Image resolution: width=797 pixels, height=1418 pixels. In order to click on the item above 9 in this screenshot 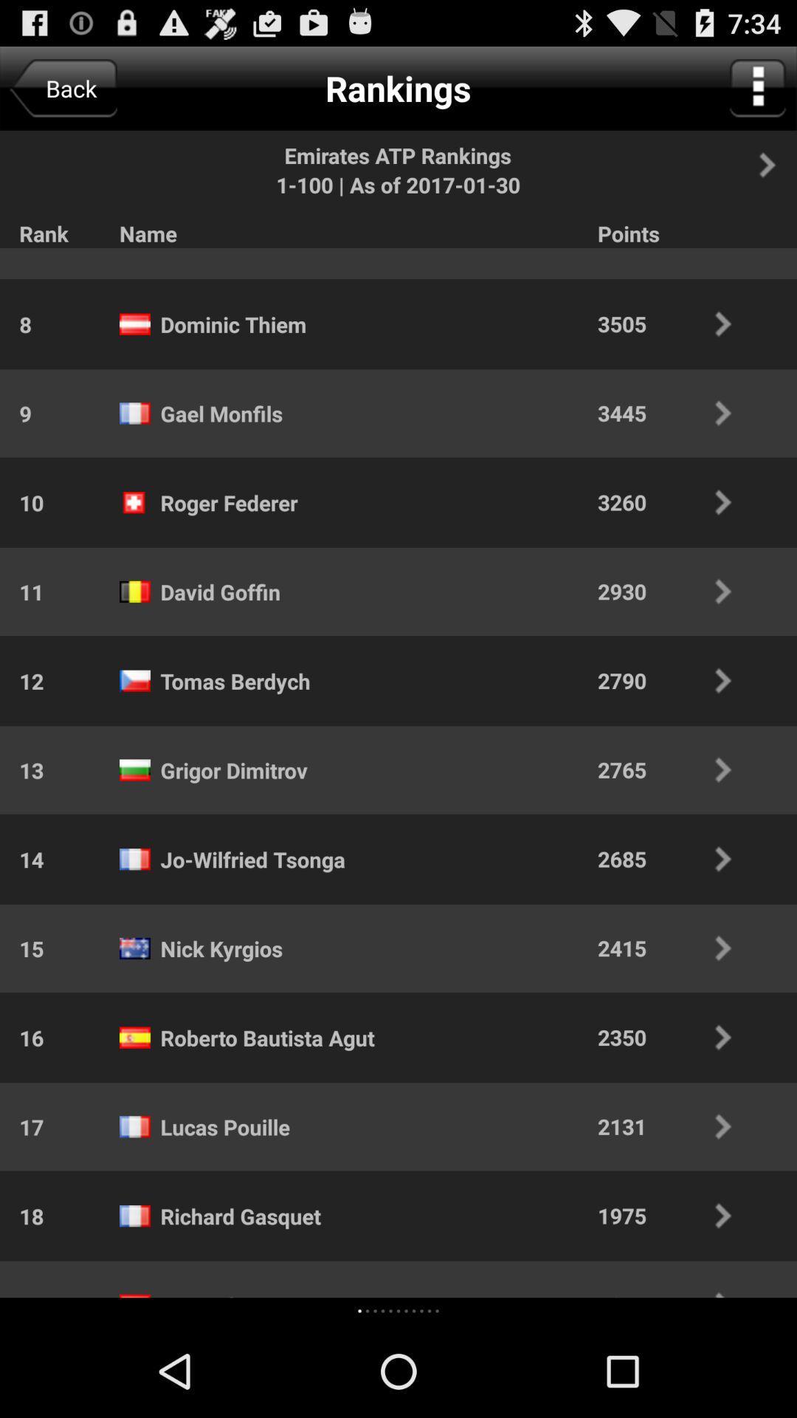, I will do `click(15, 323)`.